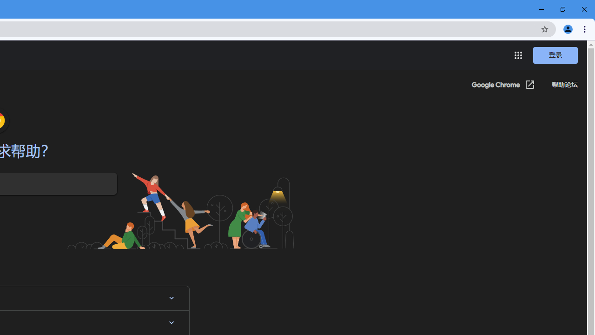  Describe the element at coordinates (585, 28) in the screenshot. I see `'Chrome'` at that location.